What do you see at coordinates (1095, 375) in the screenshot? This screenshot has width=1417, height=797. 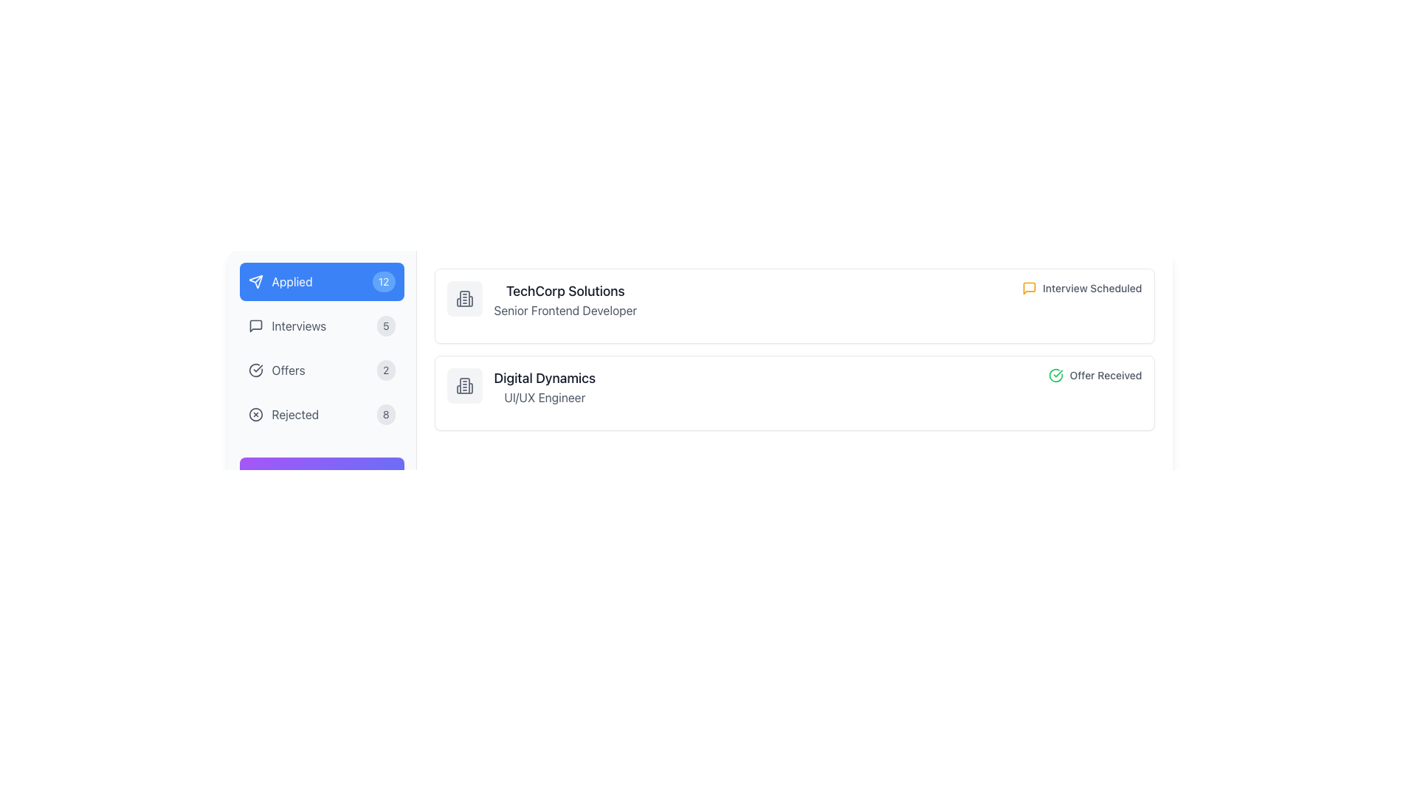 I see `text from the 'Offer Received' status label, which is next to a green circular checkmark icon, located on the right side of the job listing entry for 'Digital Dynamics' and 'UI/UX Engineer'` at bounding box center [1095, 375].